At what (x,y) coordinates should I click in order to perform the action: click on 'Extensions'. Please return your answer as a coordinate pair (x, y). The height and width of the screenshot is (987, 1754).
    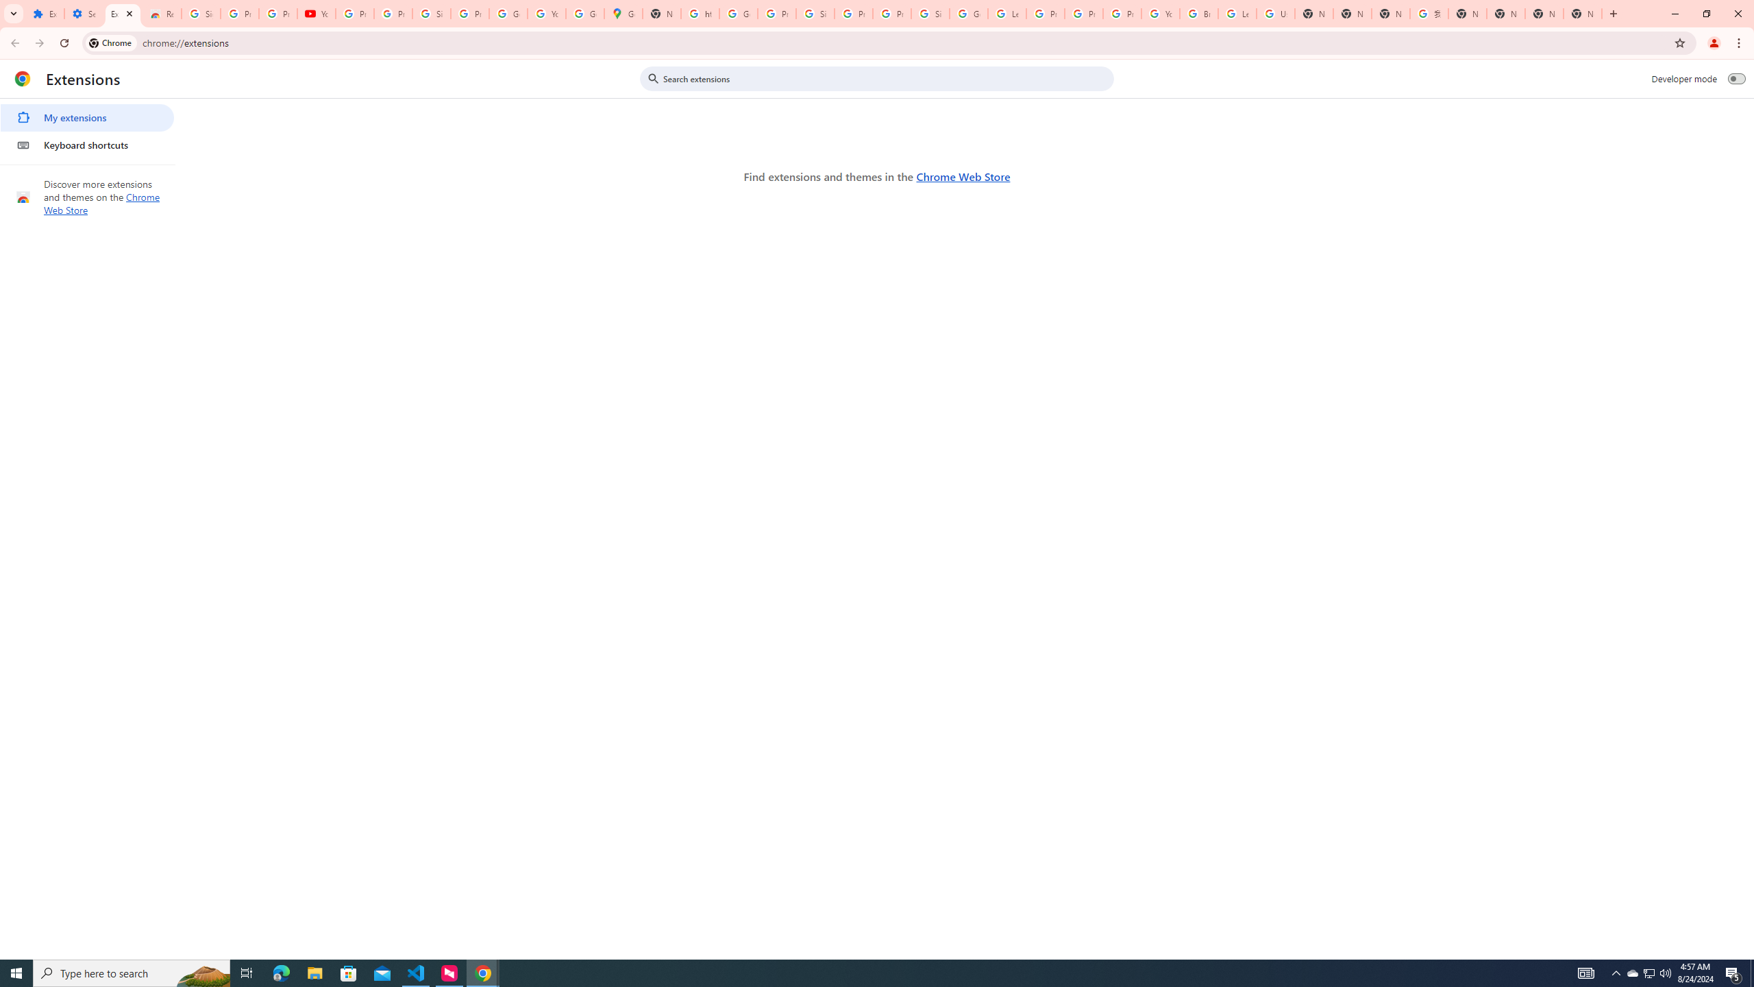
    Looking at the image, I should click on (45, 13).